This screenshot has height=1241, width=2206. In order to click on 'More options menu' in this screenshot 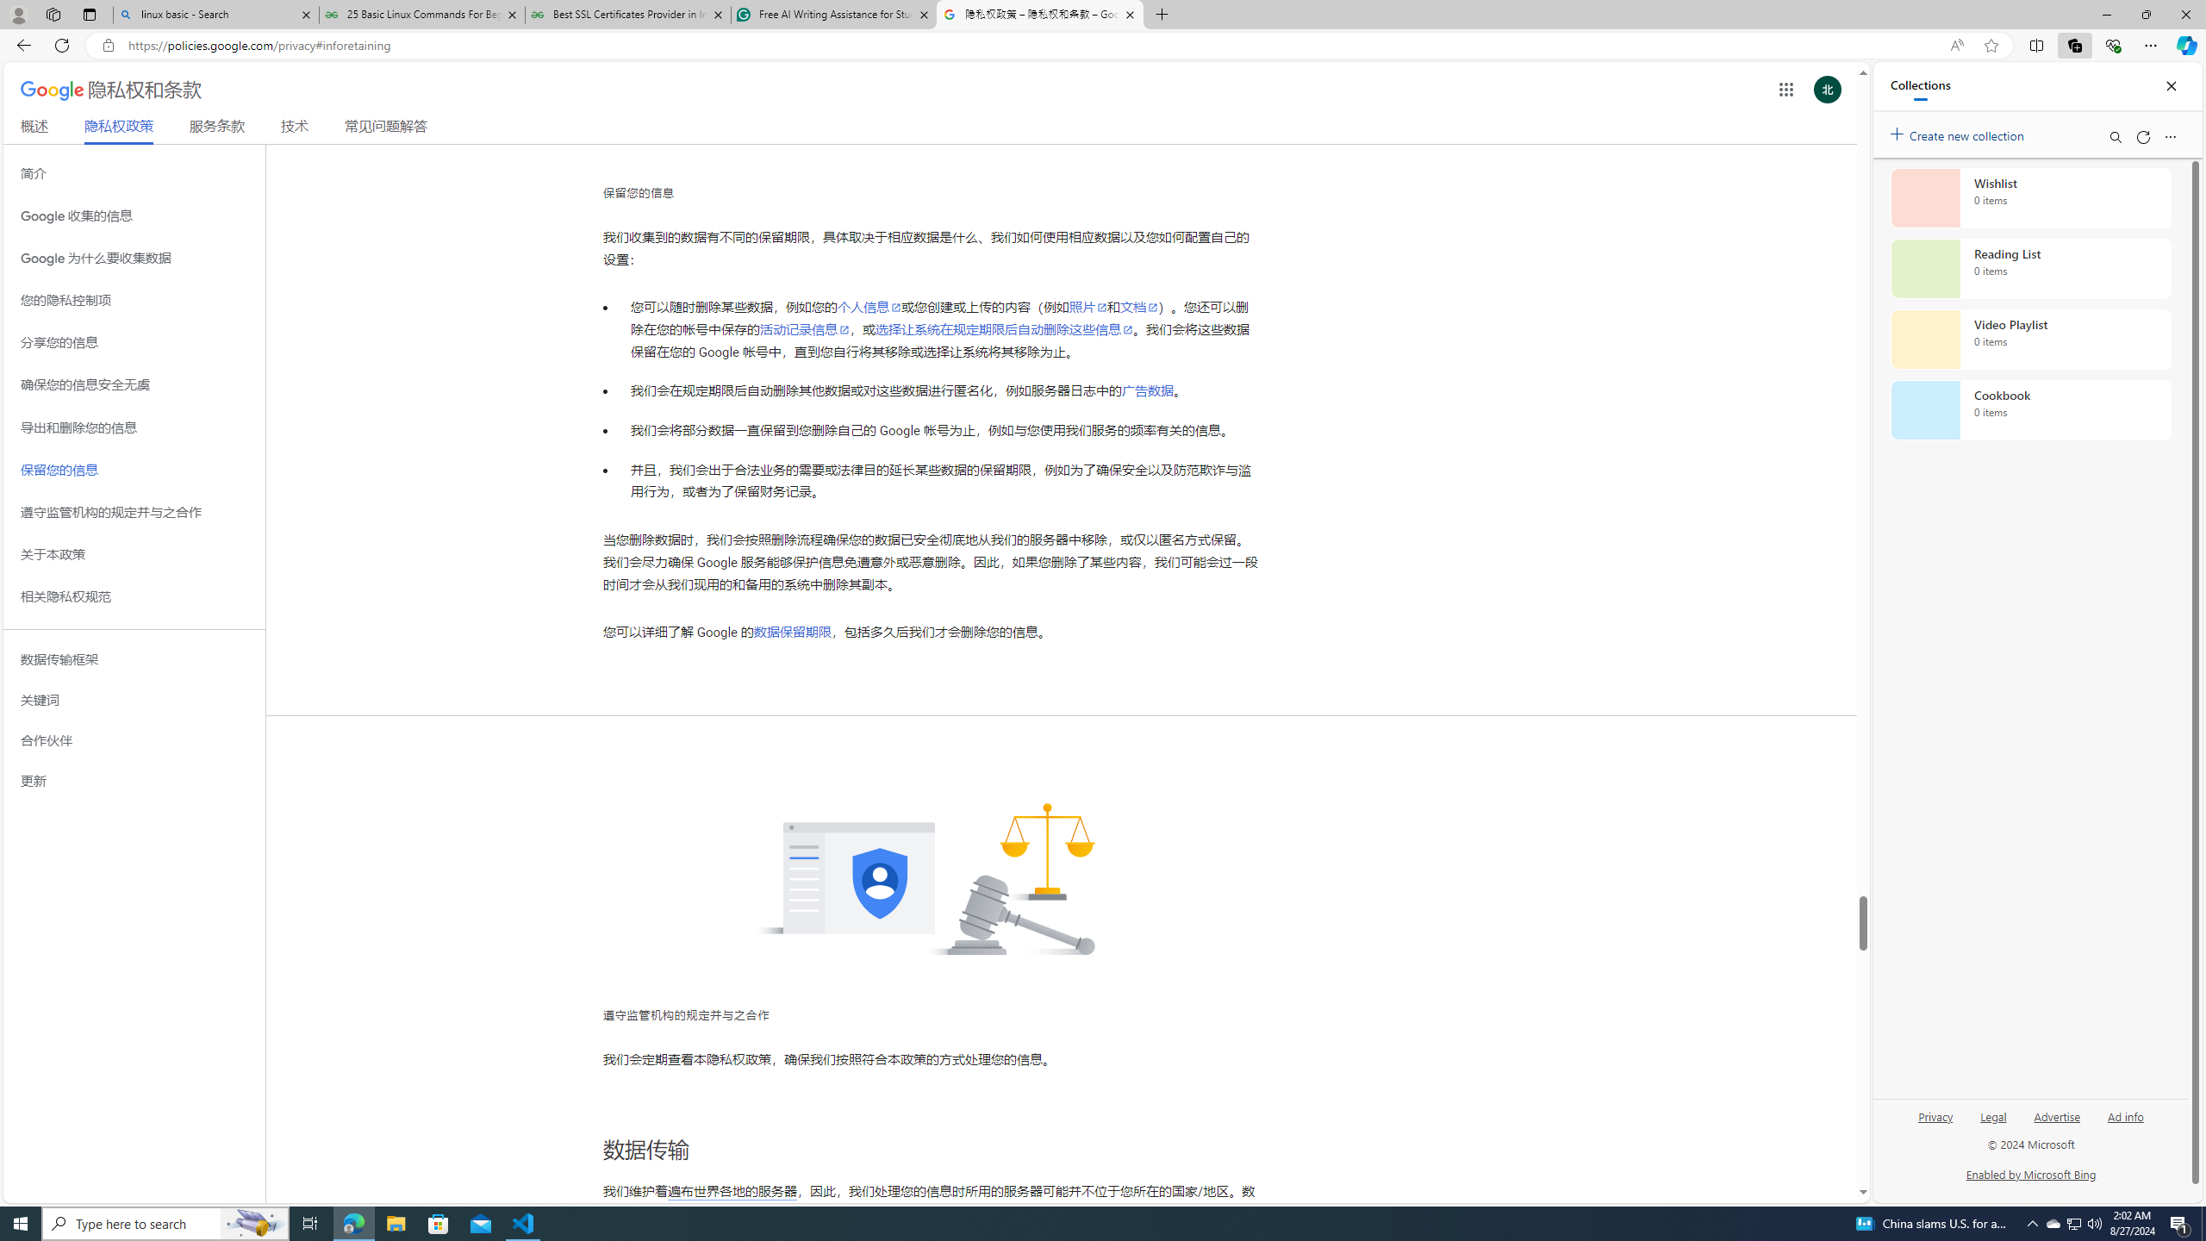, I will do `click(2171, 136)`.